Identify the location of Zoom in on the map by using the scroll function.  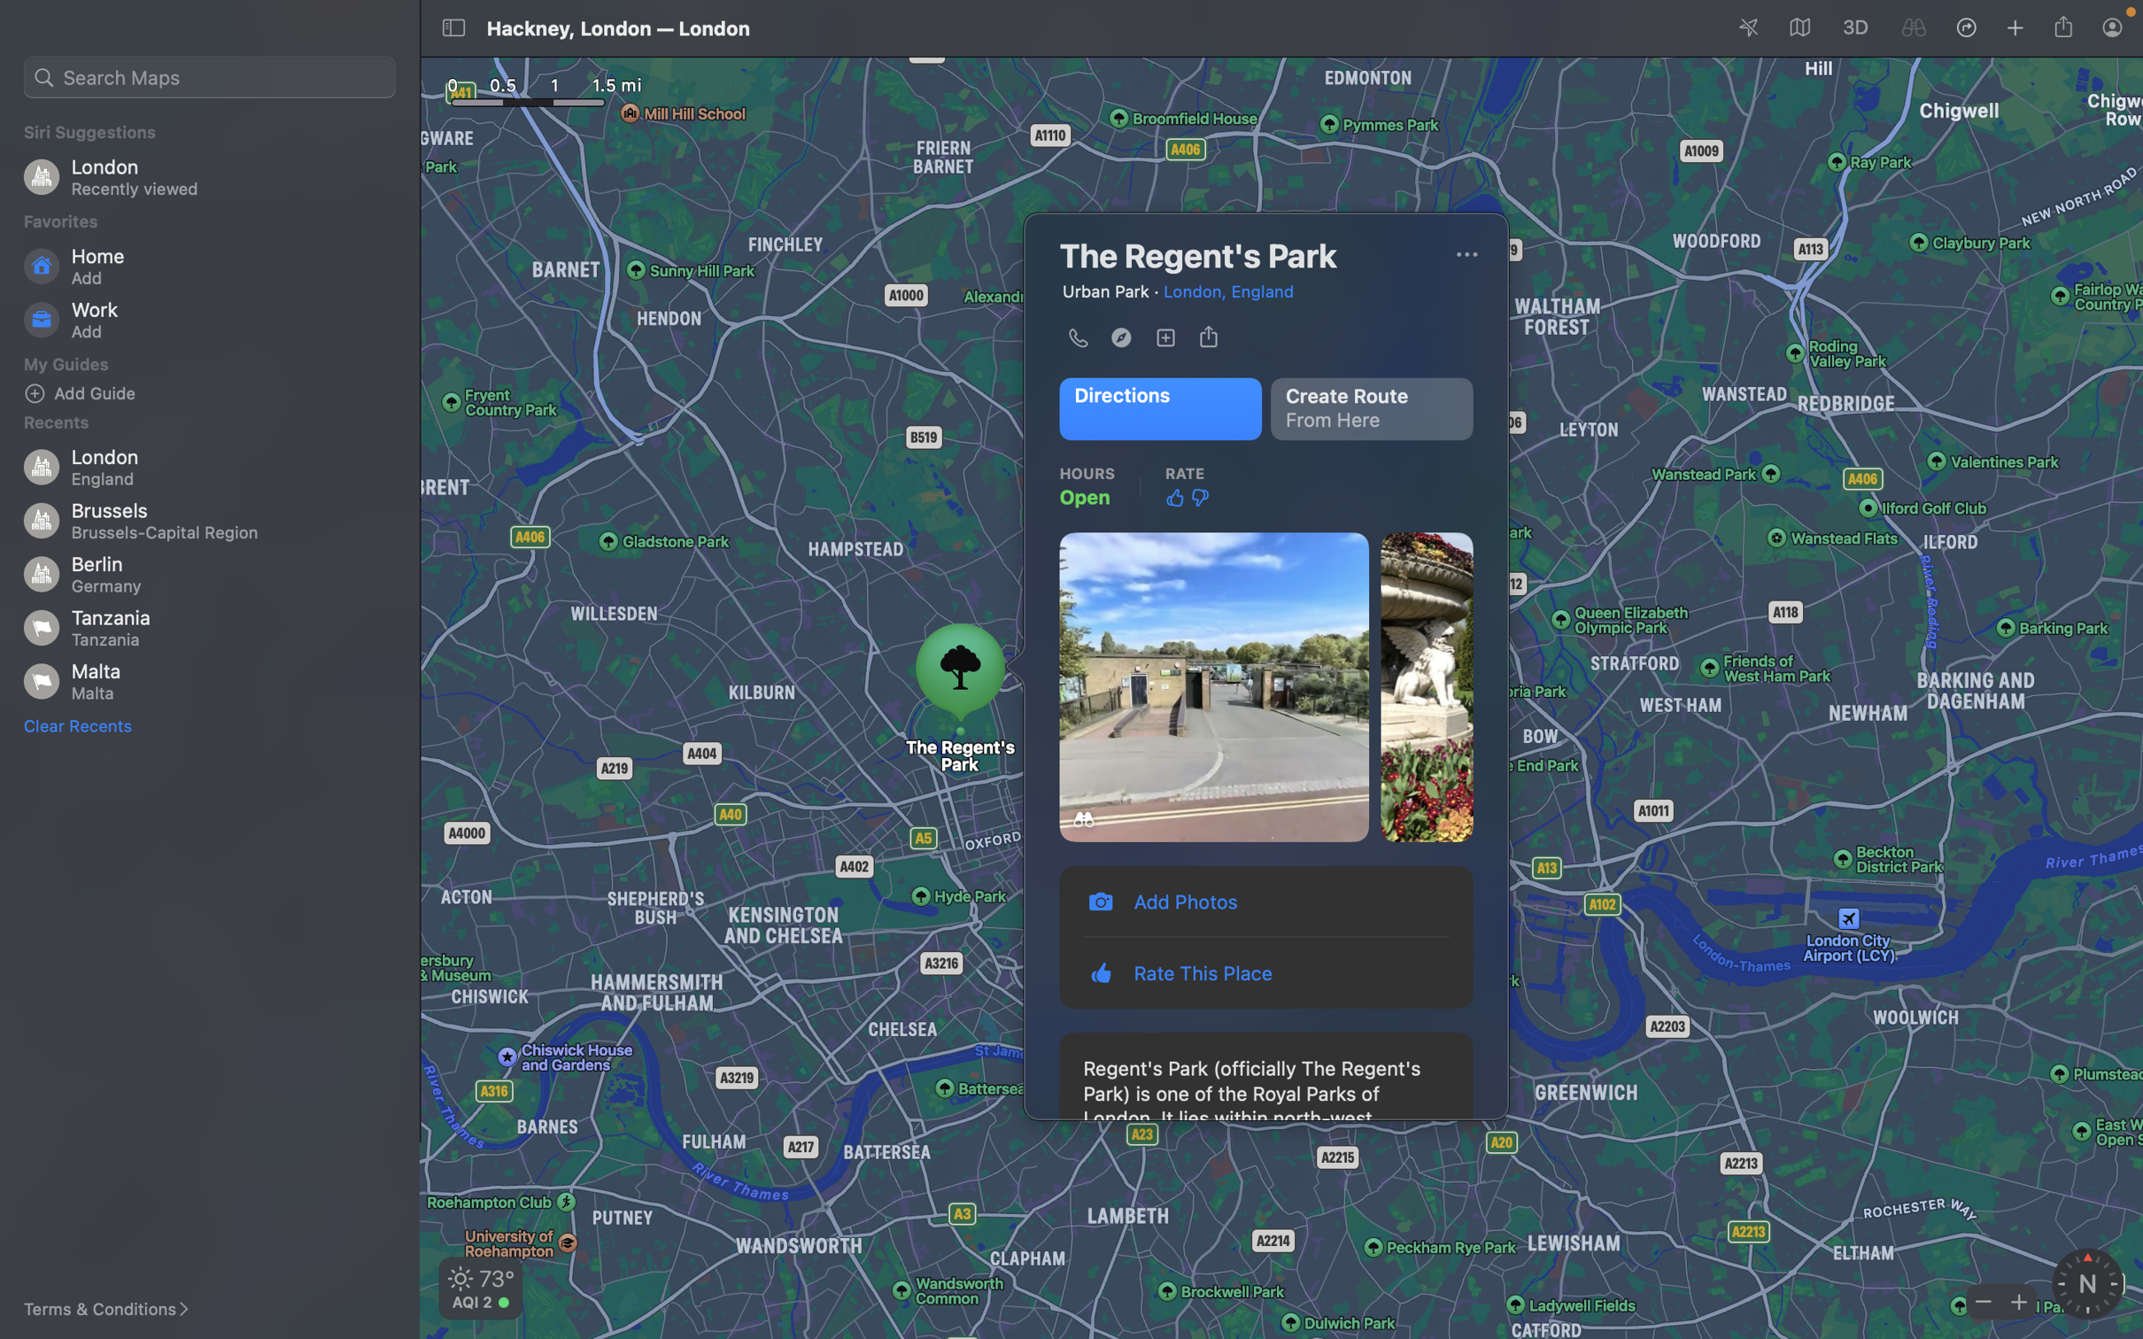
(3648457, 1249956).